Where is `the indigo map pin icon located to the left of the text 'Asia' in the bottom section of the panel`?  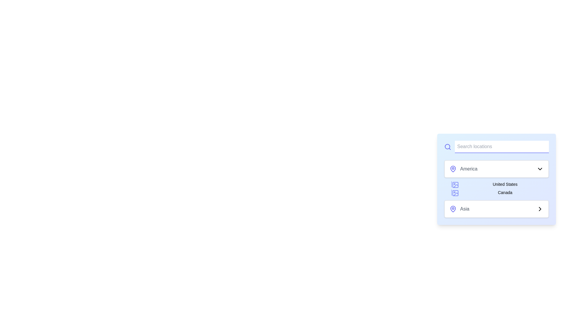 the indigo map pin icon located to the left of the text 'Asia' in the bottom section of the panel is located at coordinates (453, 208).